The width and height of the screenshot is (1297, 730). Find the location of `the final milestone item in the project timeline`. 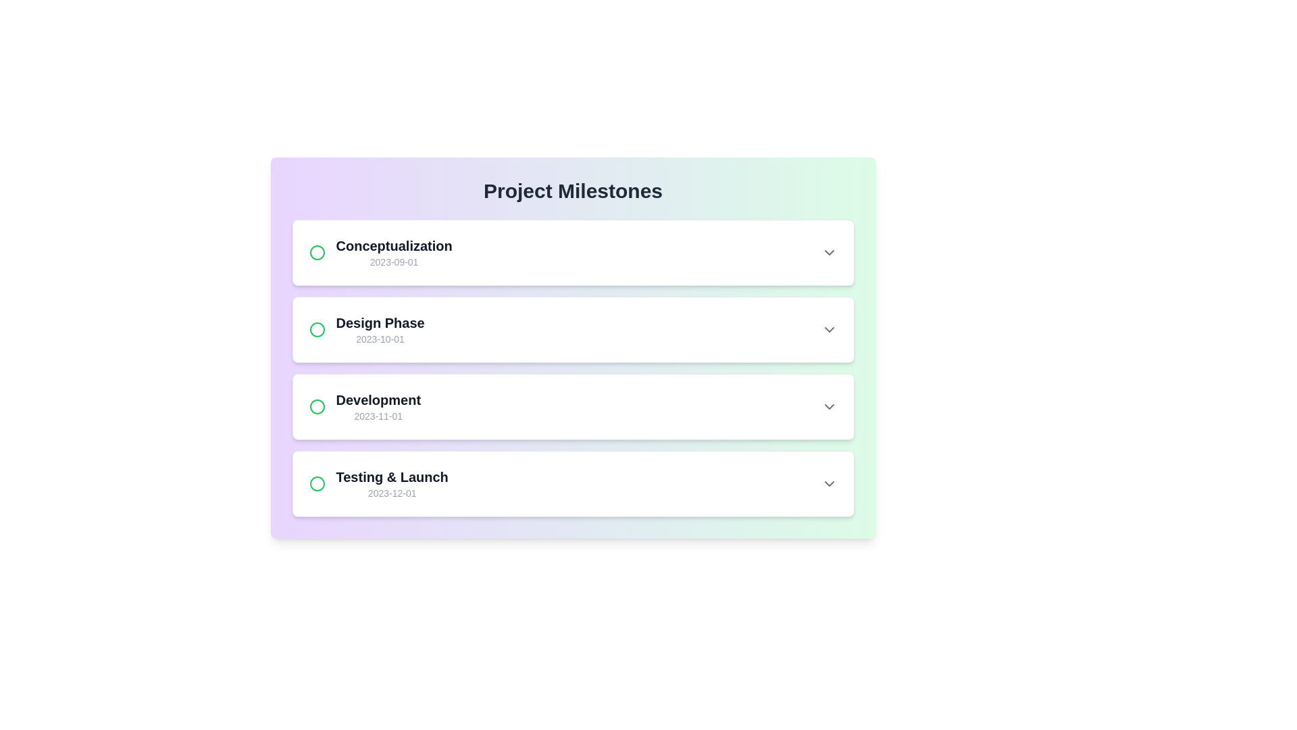

the final milestone item in the project timeline is located at coordinates (573, 483).